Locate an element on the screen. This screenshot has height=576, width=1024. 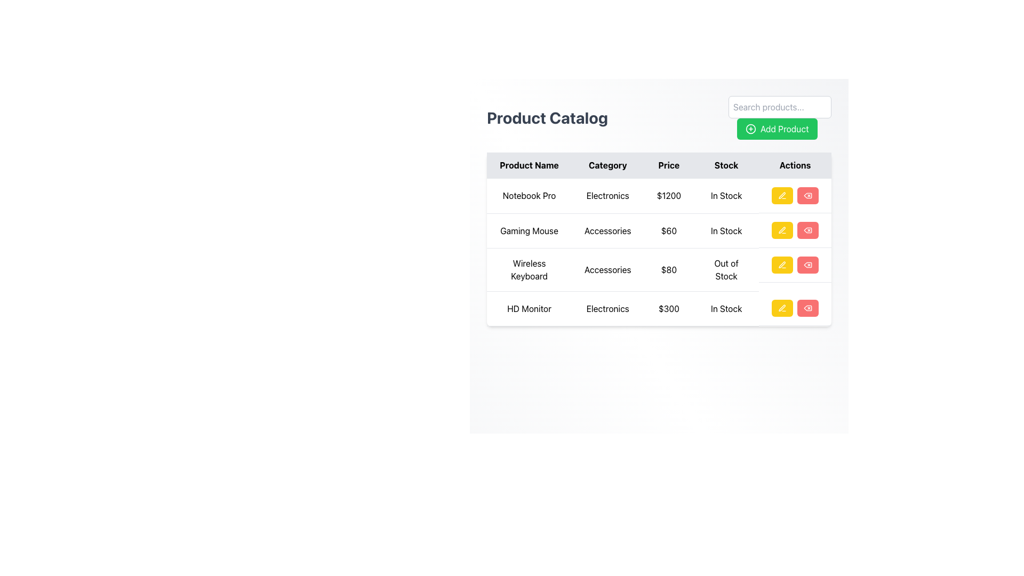
the delete button associated with the 'Wireless Keyboard' entry in the data table is located at coordinates (808, 265).